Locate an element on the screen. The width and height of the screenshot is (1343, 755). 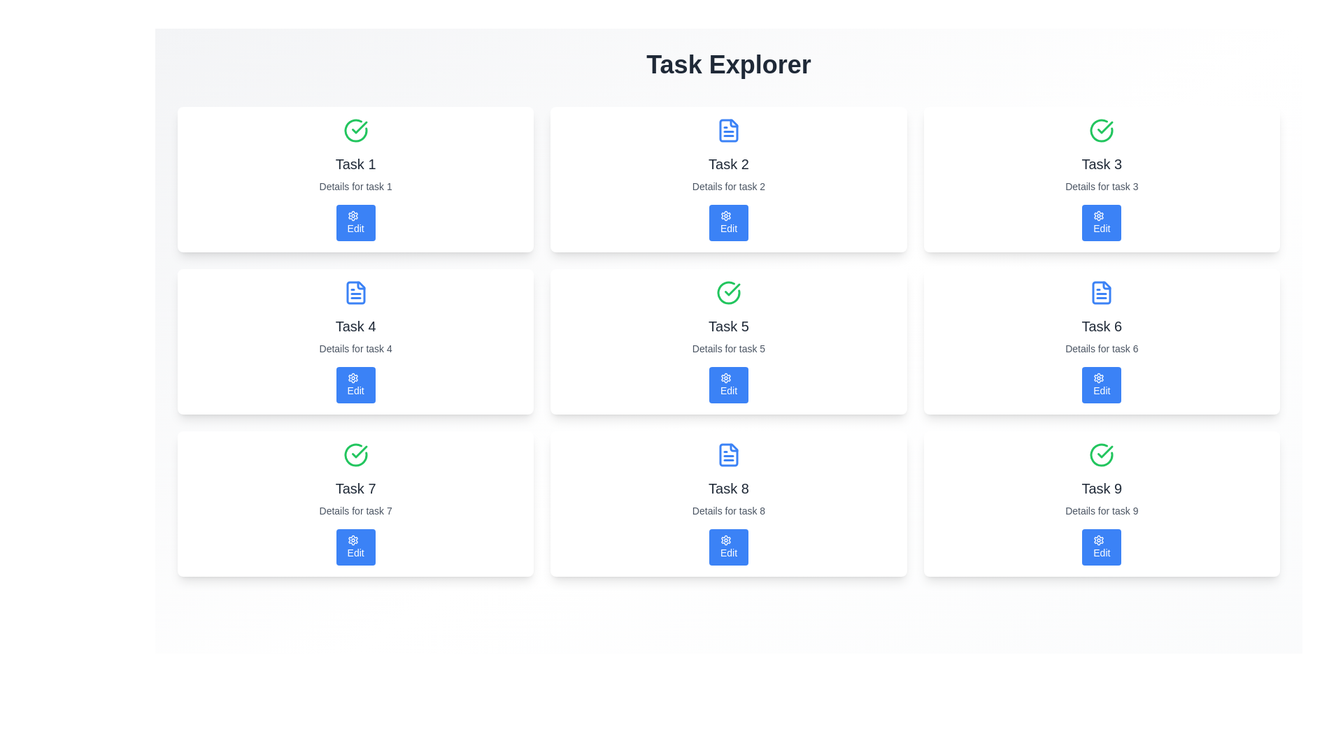
the blue rectangular button labeled 'Edit' with a gear icon, located in the bottom right of the 'Task 8' card is located at coordinates (727, 547).